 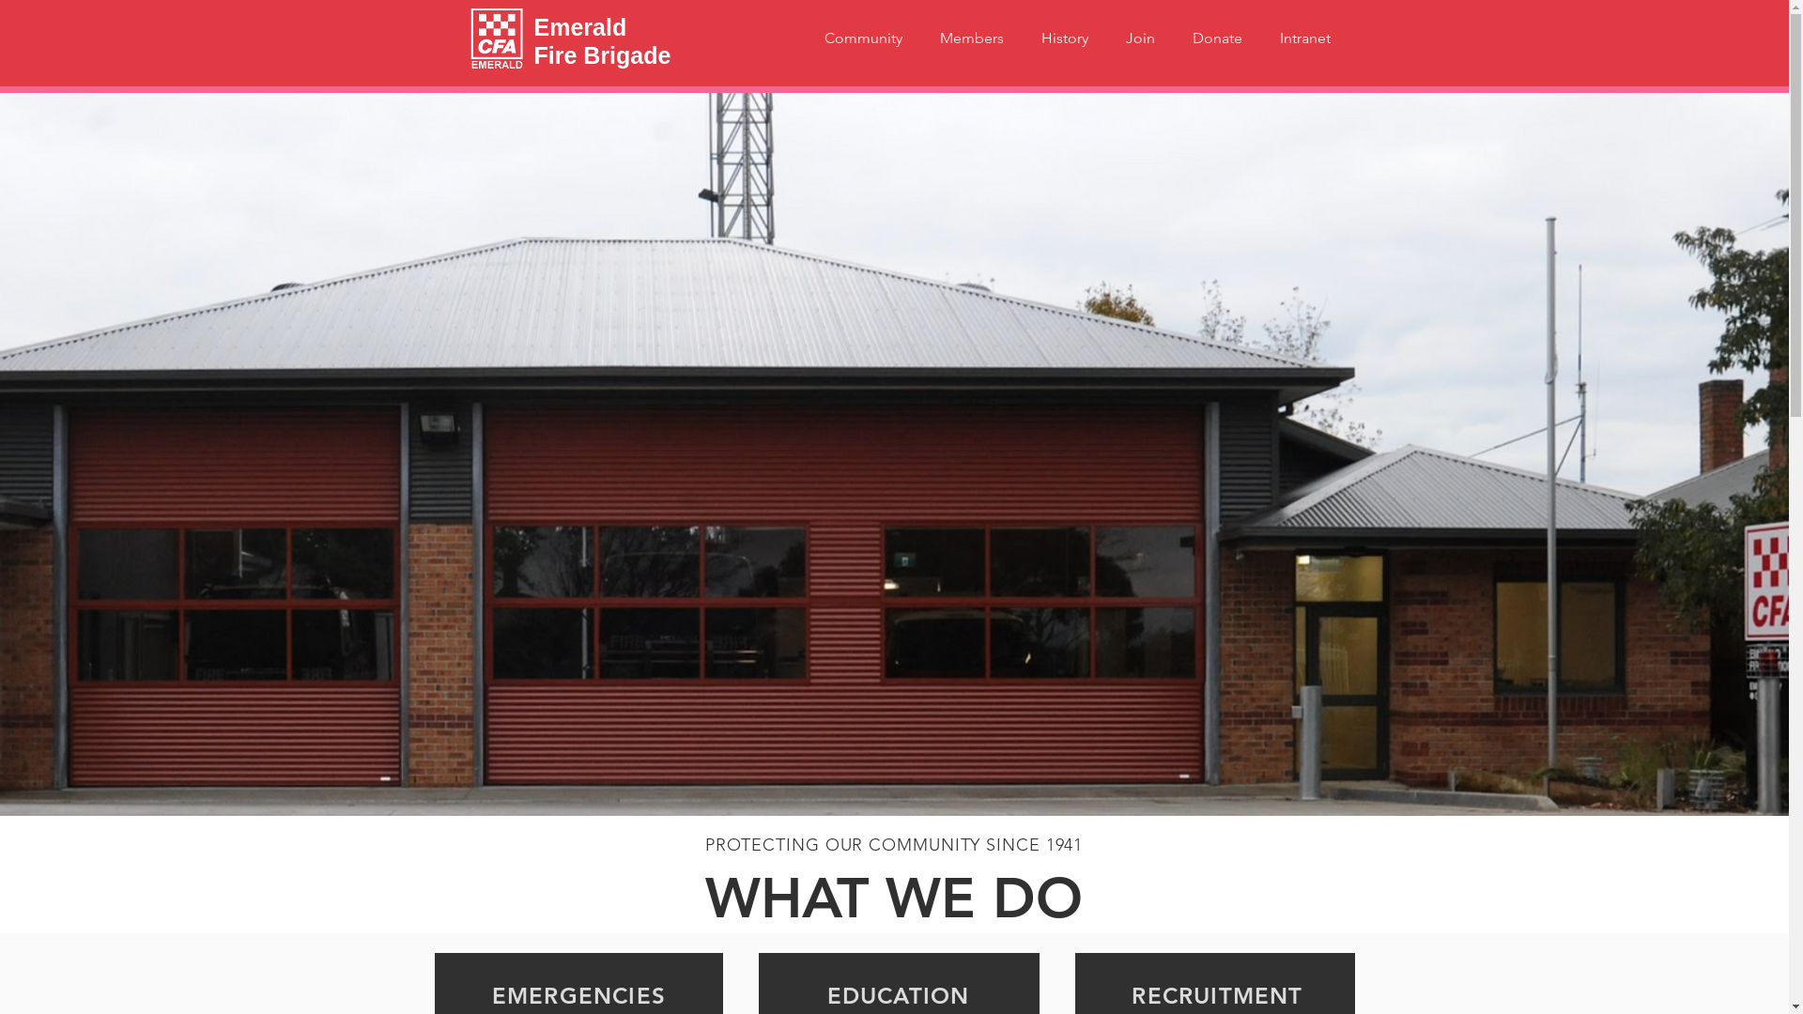 I want to click on 'Intranet', so click(x=1302, y=38).